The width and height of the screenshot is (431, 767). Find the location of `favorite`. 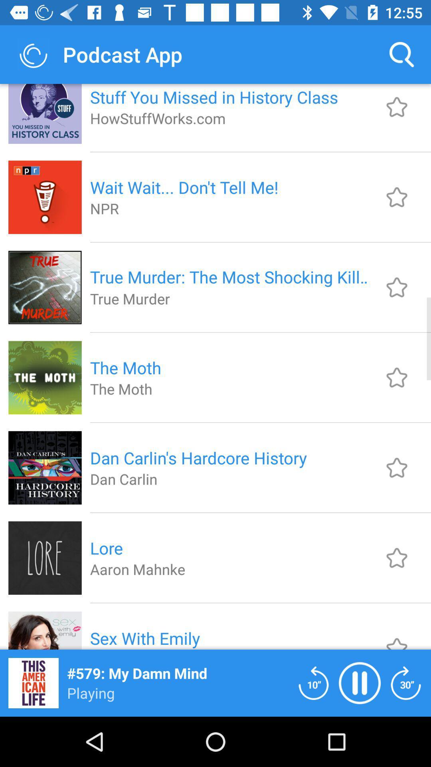

favorite is located at coordinates (397, 287).